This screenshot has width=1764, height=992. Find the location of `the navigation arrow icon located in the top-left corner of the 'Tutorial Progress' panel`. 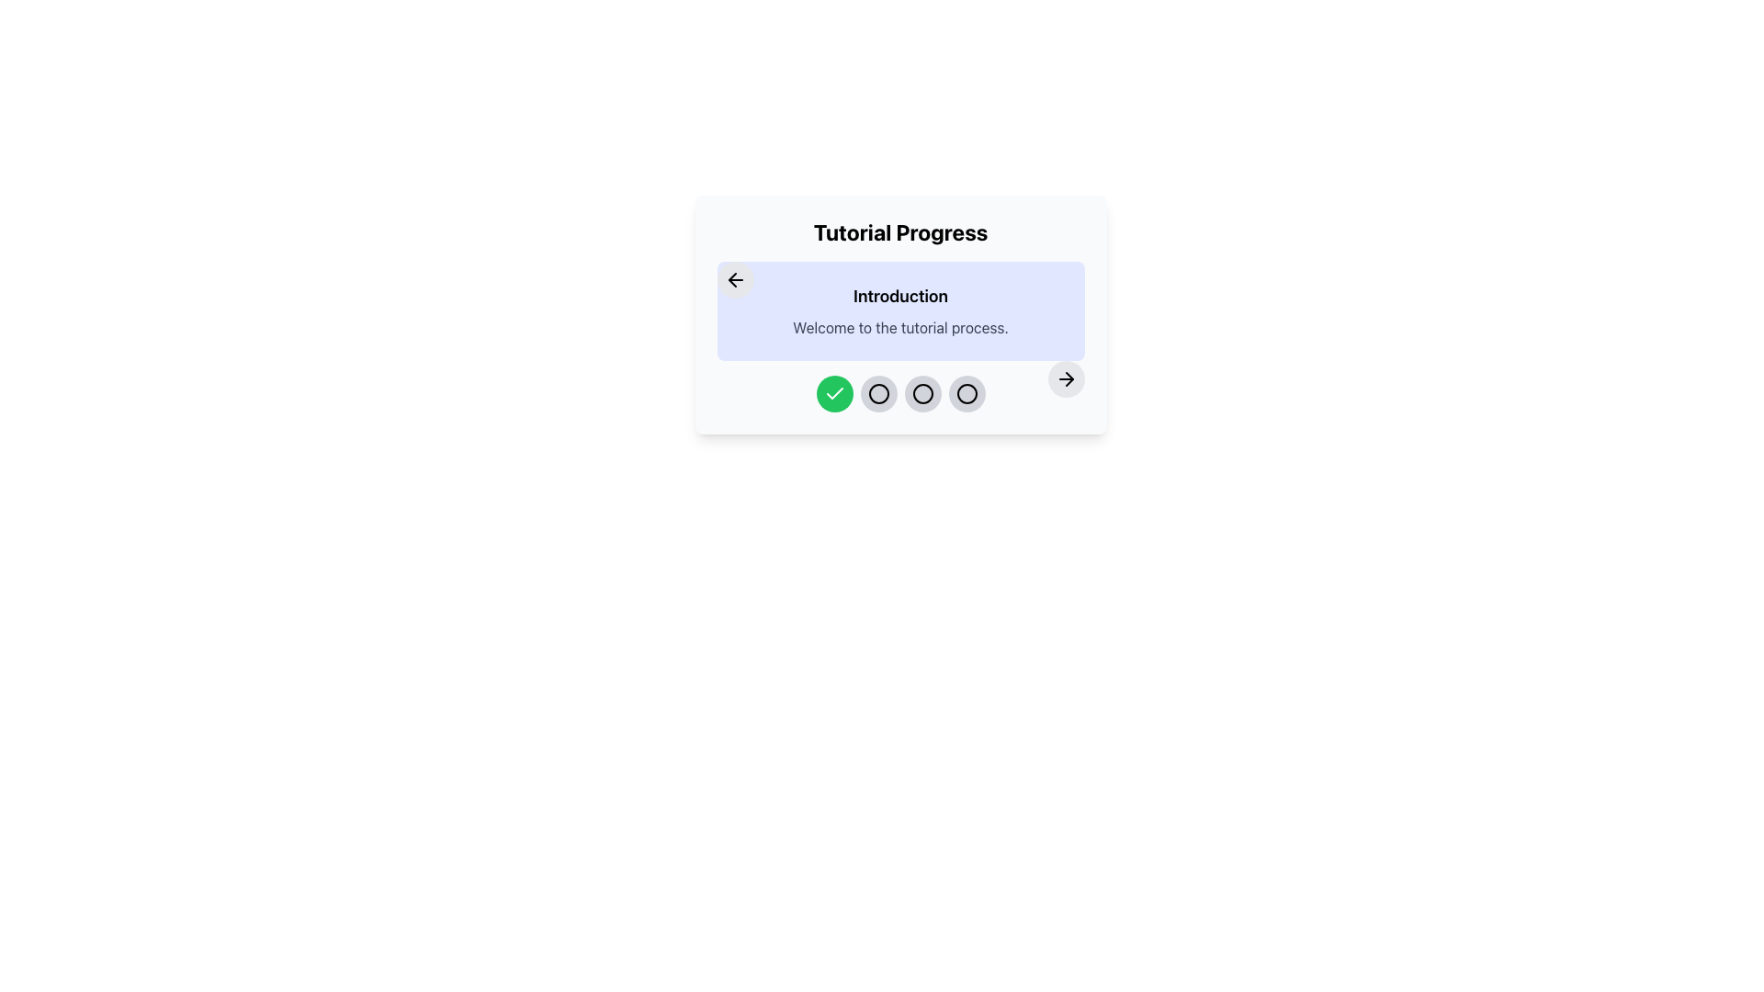

the navigation arrow icon located in the top-left corner of the 'Tutorial Progress' panel is located at coordinates (735, 279).